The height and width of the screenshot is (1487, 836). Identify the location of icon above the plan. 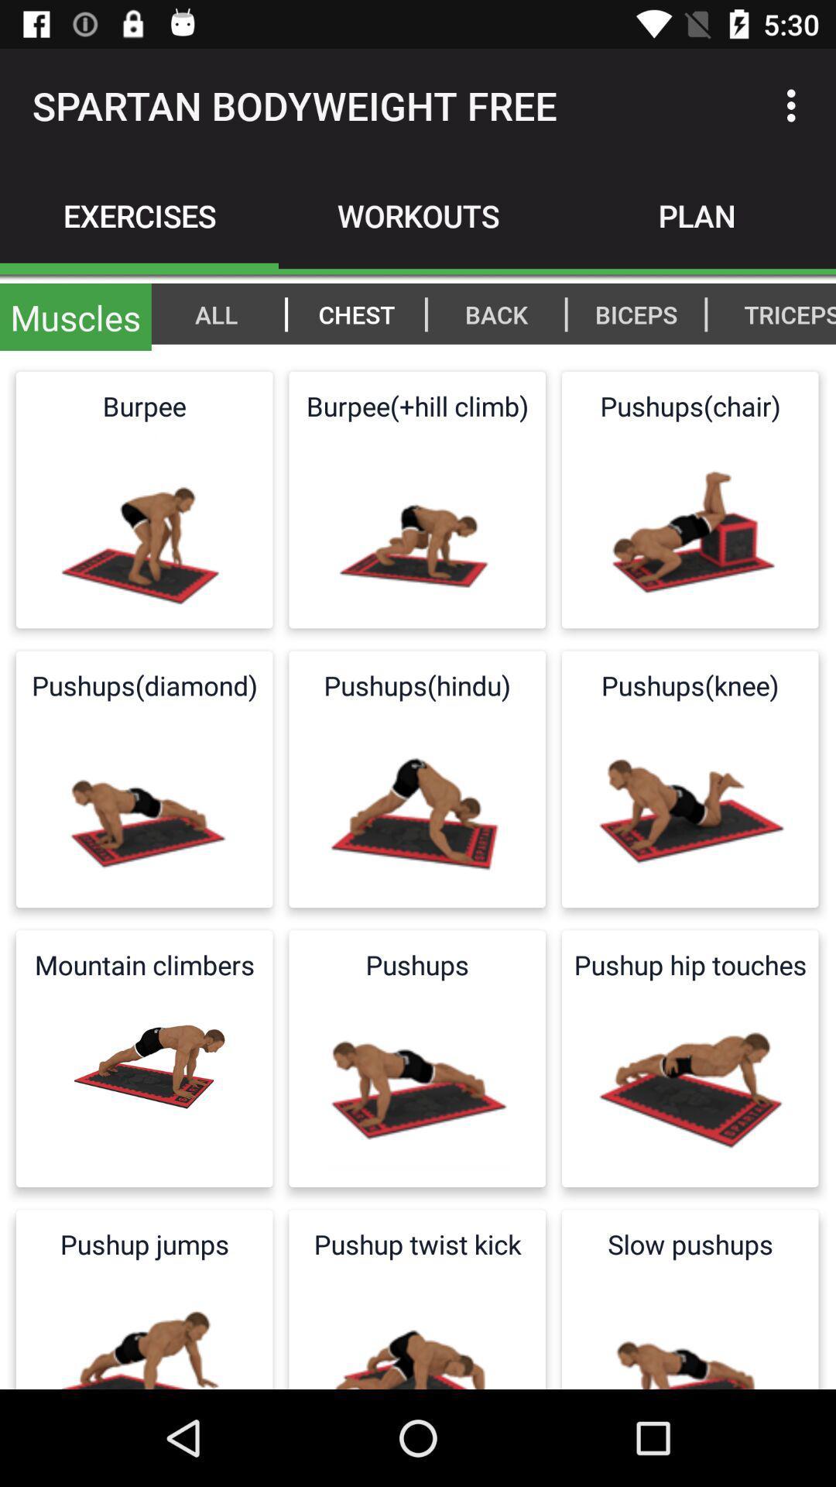
(795, 105).